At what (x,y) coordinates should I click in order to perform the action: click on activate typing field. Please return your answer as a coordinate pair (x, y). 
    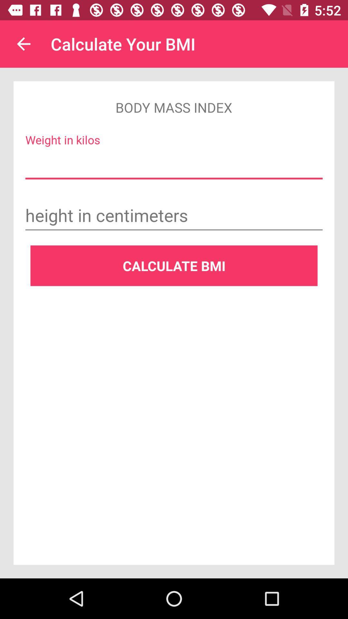
    Looking at the image, I should click on (174, 216).